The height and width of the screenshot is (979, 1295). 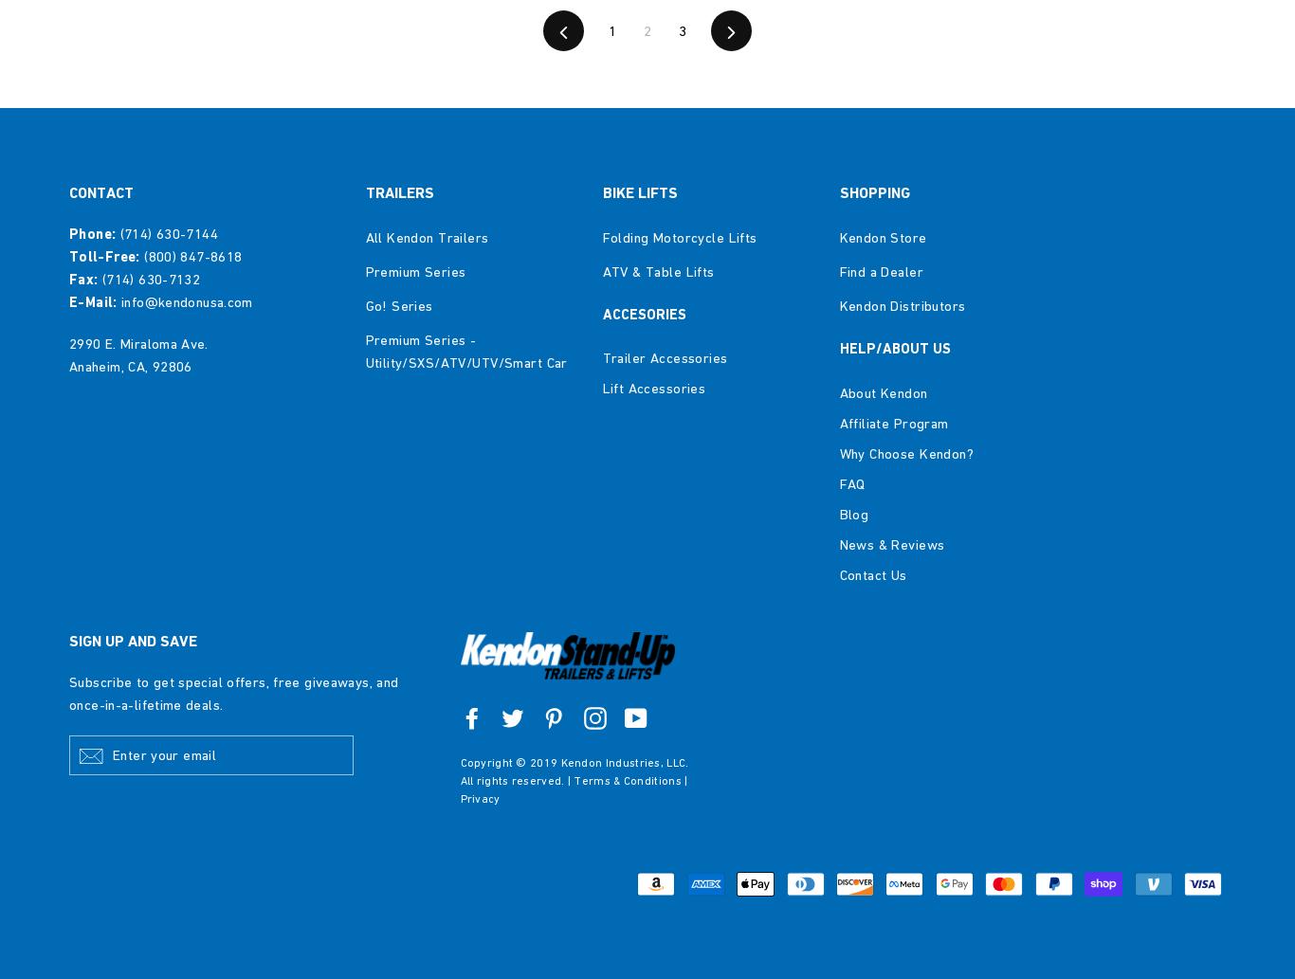 I want to click on 'Lift Accessories', so click(x=653, y=388).